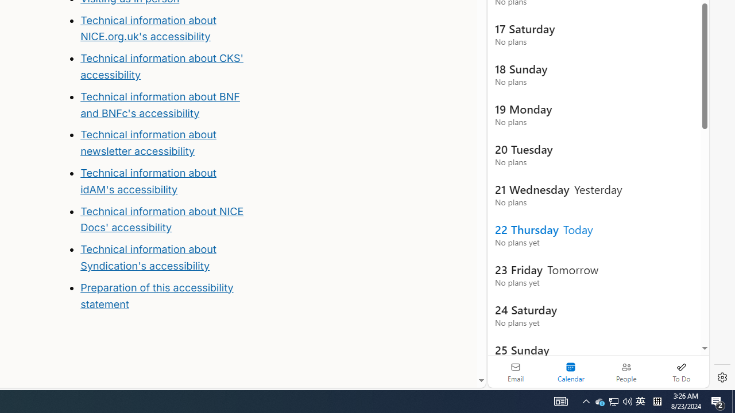 This screenshot has height=413, width=735. What do you see at coordinates (160, 104) in the screenshot?
I see `'Technical information about BNF and BNFc'` at bounding box center [160, 104].